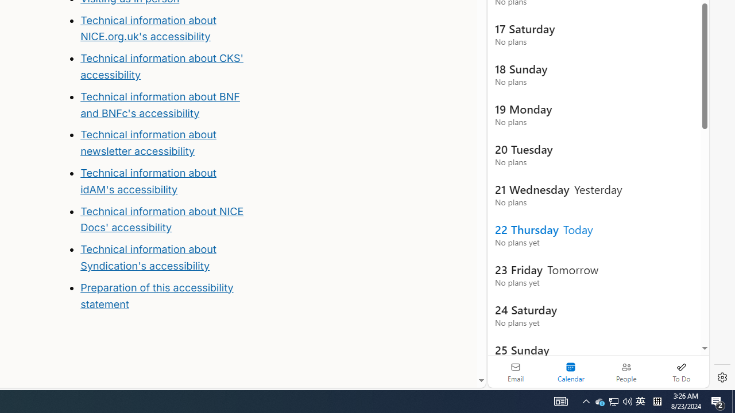 This screenshot has height=413, width=735. What do you see at coordinates (160, 104) in the screenshot?
I see `'Technical information about BNF and BNFc'` at bounding box center [160, 104].